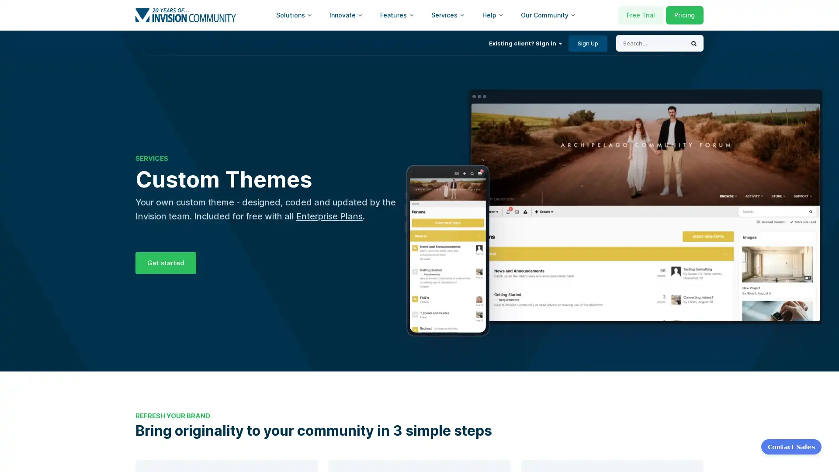 Image resolution: width=839 pixels, height=472 pixels. Describe the element at coordinates (294, 15) in the screenshot. I see `Solutions` at that location.